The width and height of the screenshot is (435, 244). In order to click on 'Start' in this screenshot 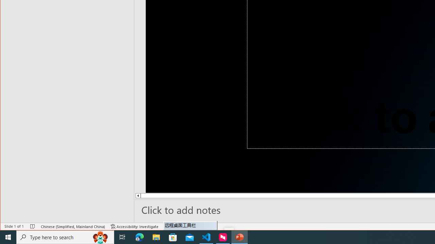, I will do `click(8, 237)`.